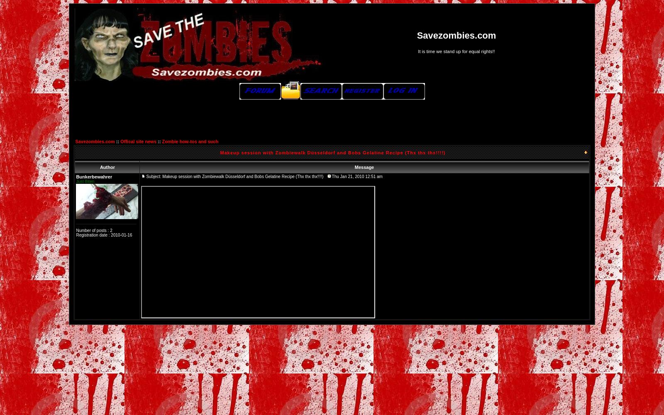 The width and height of the screenshot is (664, 415). Describe the element at coordinates (111, 230) in the screenshot. I see `'2'` at that location.